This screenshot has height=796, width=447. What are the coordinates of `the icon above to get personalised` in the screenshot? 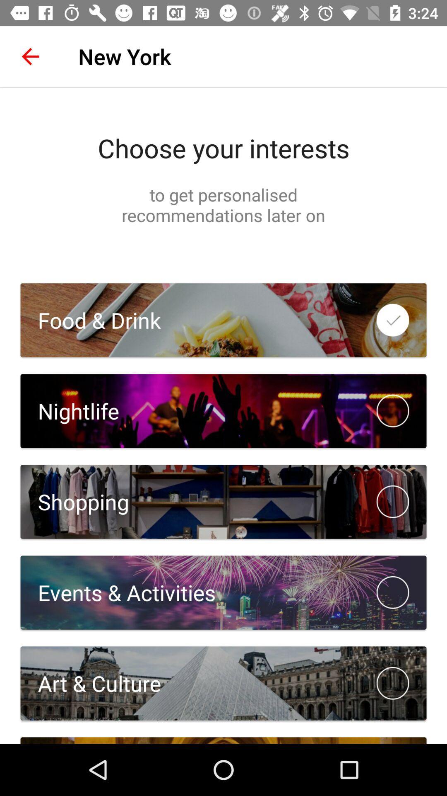 It's located at (223, 148).